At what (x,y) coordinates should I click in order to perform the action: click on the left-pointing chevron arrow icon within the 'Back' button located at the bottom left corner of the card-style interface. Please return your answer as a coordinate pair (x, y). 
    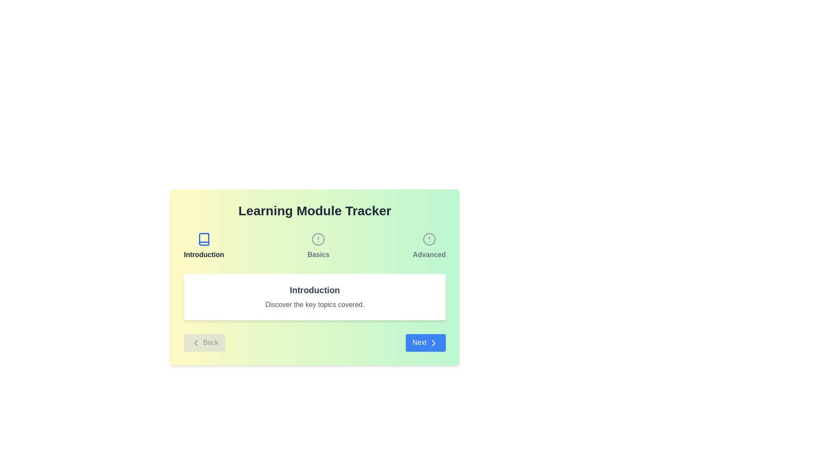
    Looking at the image, I should click on (196, 342).